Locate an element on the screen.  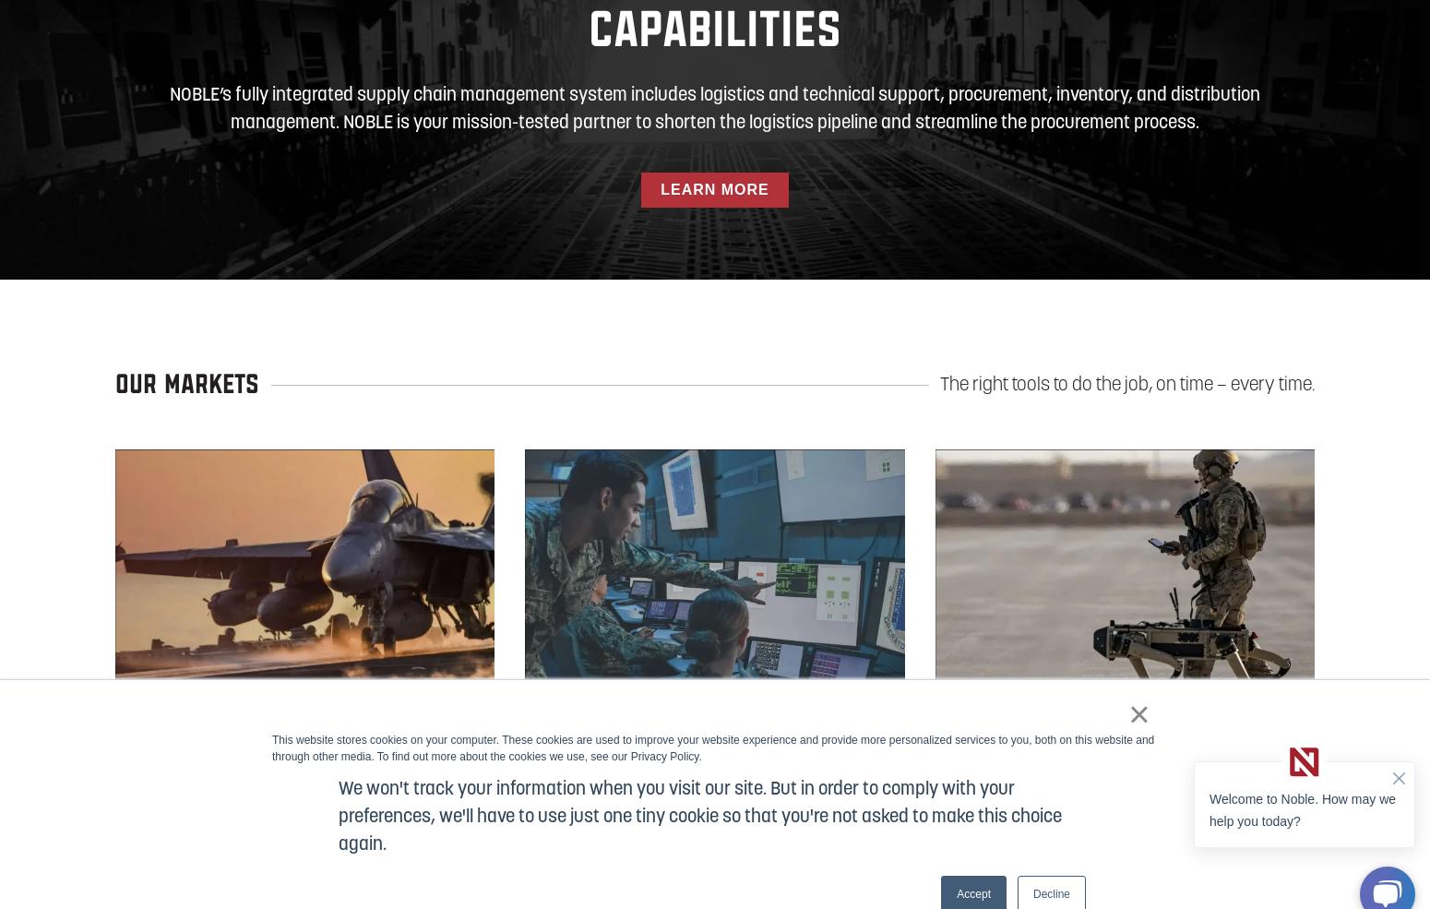
'Accept' is located at coordinates (972, 894).